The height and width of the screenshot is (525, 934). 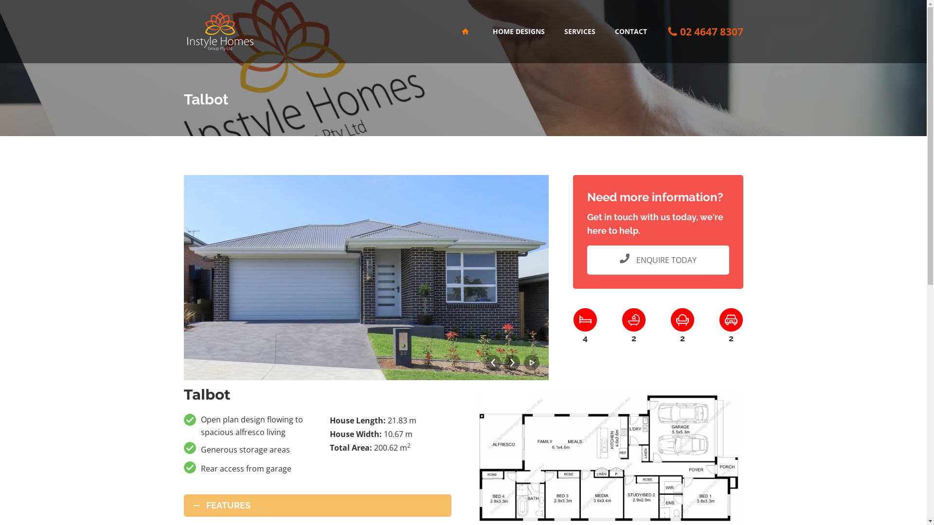 I want to click on 'CONTACT', so click(x=630, y=31).